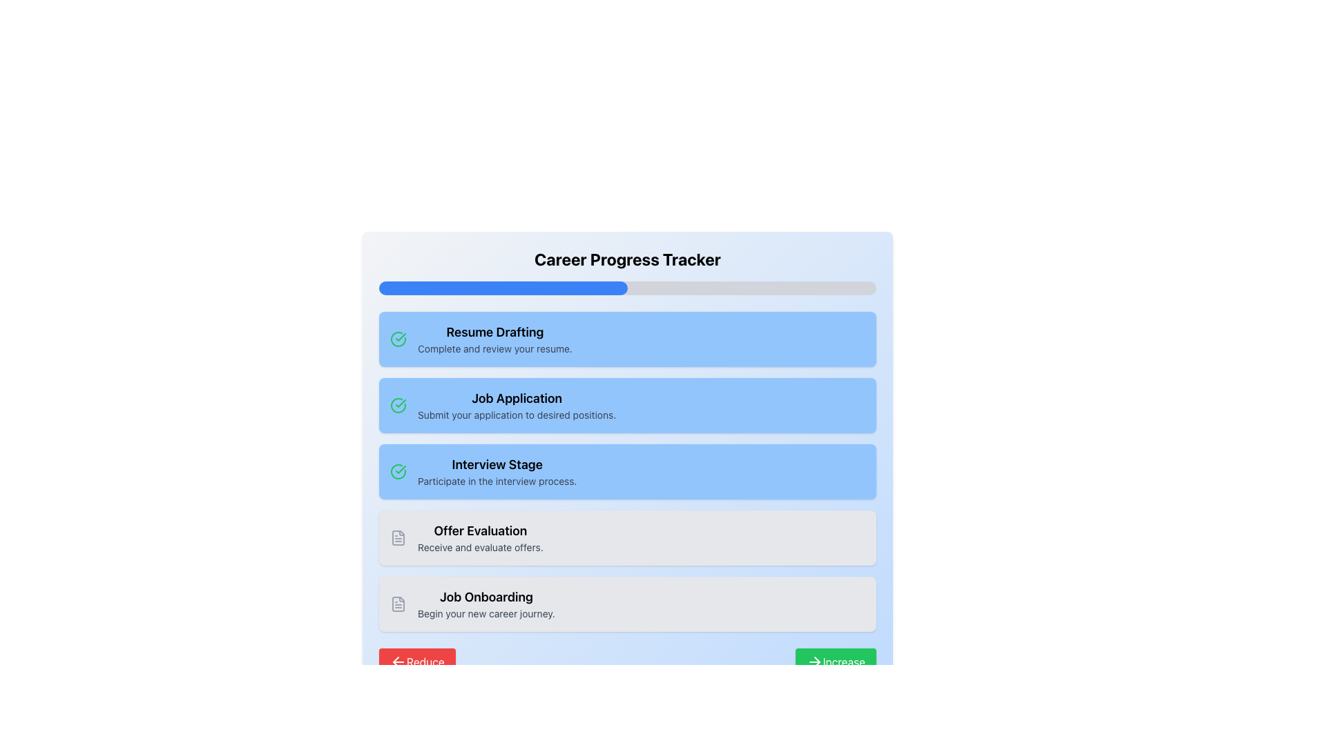 Image resolution: width=1326 pixels, height=745 pixels. Describe the element at coordinates (397, 537) in the screenshot. I see `the document icon with a folded corner edge located in the 'Offer Evaluation' section, which is outlined in gray and positioned to the left of the text description` at that location.